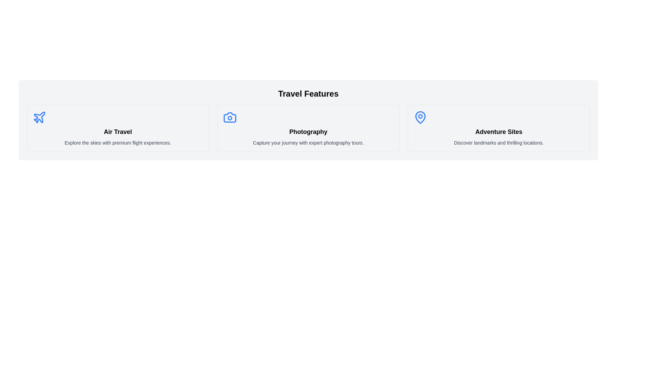 The height and width of the screenshot is (370, 659). I want to click on the leftmost clickable card in the 'Travel Features' section, so click(118, 128).